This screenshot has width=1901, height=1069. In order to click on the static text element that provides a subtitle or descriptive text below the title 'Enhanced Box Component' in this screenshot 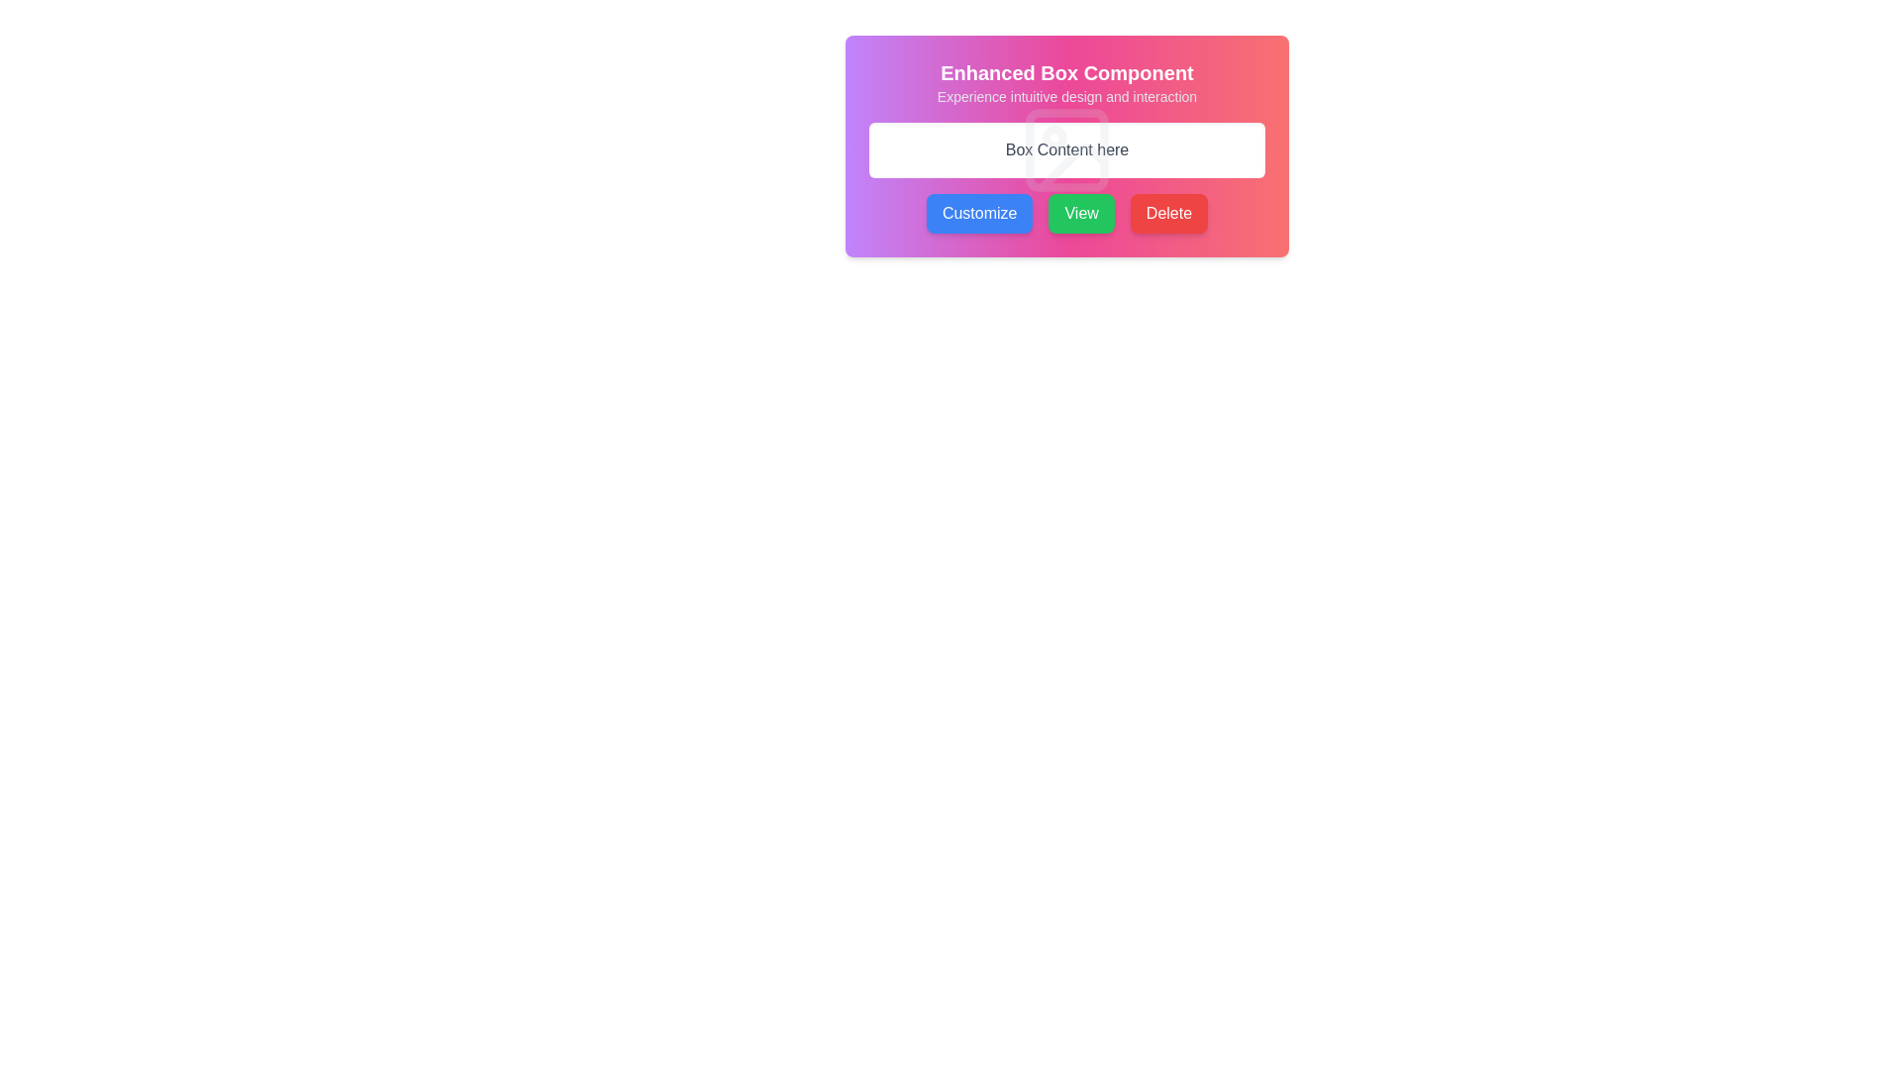, I will do `click(1066, 96)`.